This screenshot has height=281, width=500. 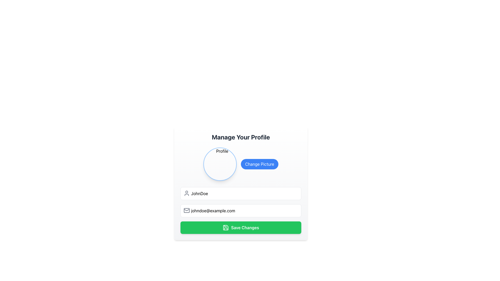 I want to click on the email address icon located on the left side of the email input field in the profile management form, so click(x=186, y=210).